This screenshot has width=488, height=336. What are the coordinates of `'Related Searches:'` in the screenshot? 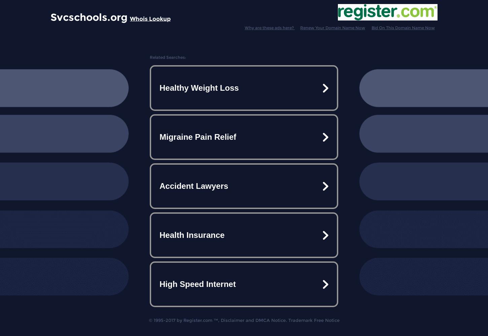 It's located at (149, 57).